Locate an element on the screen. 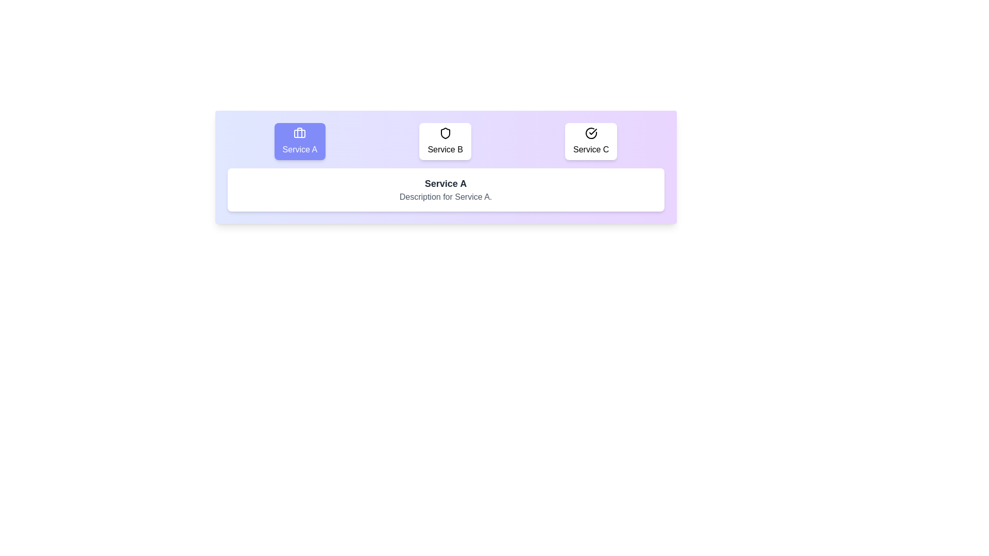 The height and width of the screenshot is (556, 989). the approval icon representing the successful status of 'Service C', located directly above the 'Service C' text label is located at coordinates (591, 132).